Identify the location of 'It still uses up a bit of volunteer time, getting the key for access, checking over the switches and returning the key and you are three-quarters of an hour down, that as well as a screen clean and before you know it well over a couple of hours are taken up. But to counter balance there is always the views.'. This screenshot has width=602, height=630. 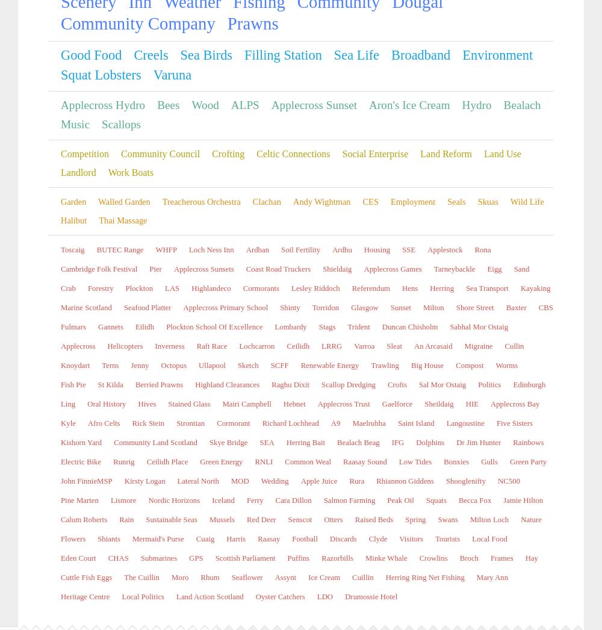
(202, 369).